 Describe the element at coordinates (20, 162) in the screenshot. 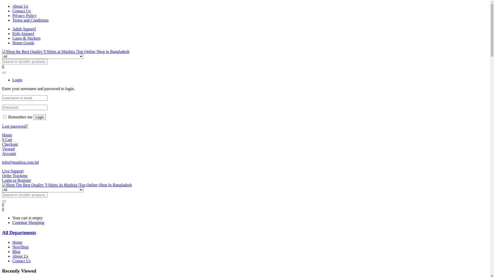

I see `'info@mashira.com.bd'` at that location.